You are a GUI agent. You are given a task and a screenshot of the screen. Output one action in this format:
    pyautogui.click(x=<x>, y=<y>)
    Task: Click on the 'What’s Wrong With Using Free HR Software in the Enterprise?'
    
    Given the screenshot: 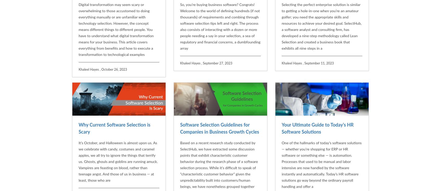 What is the action you would take?
    pyautogui.click(x=216, y=181)
    